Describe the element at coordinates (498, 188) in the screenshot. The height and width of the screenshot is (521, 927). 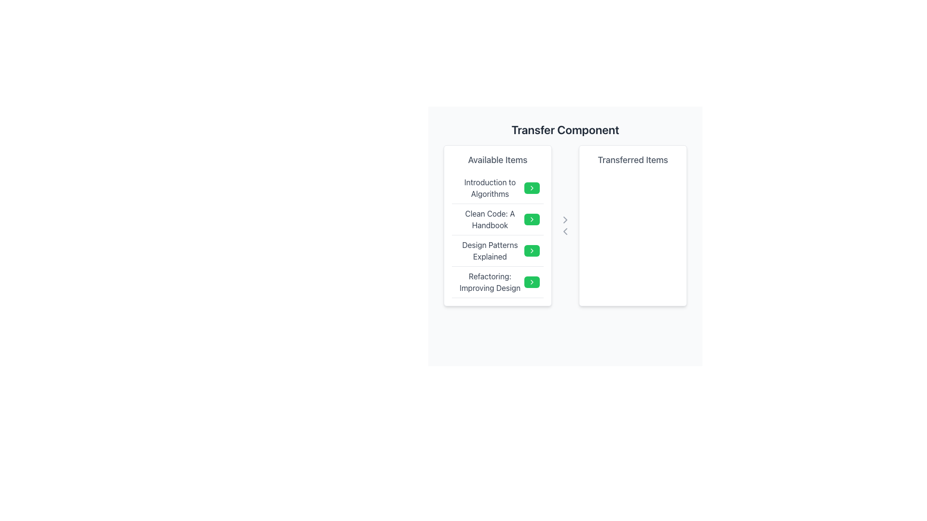
I see `the first list item in the 'Available Items' section, which contains the text 'Introduction to Algorithms' and a green navigation button` at that location.